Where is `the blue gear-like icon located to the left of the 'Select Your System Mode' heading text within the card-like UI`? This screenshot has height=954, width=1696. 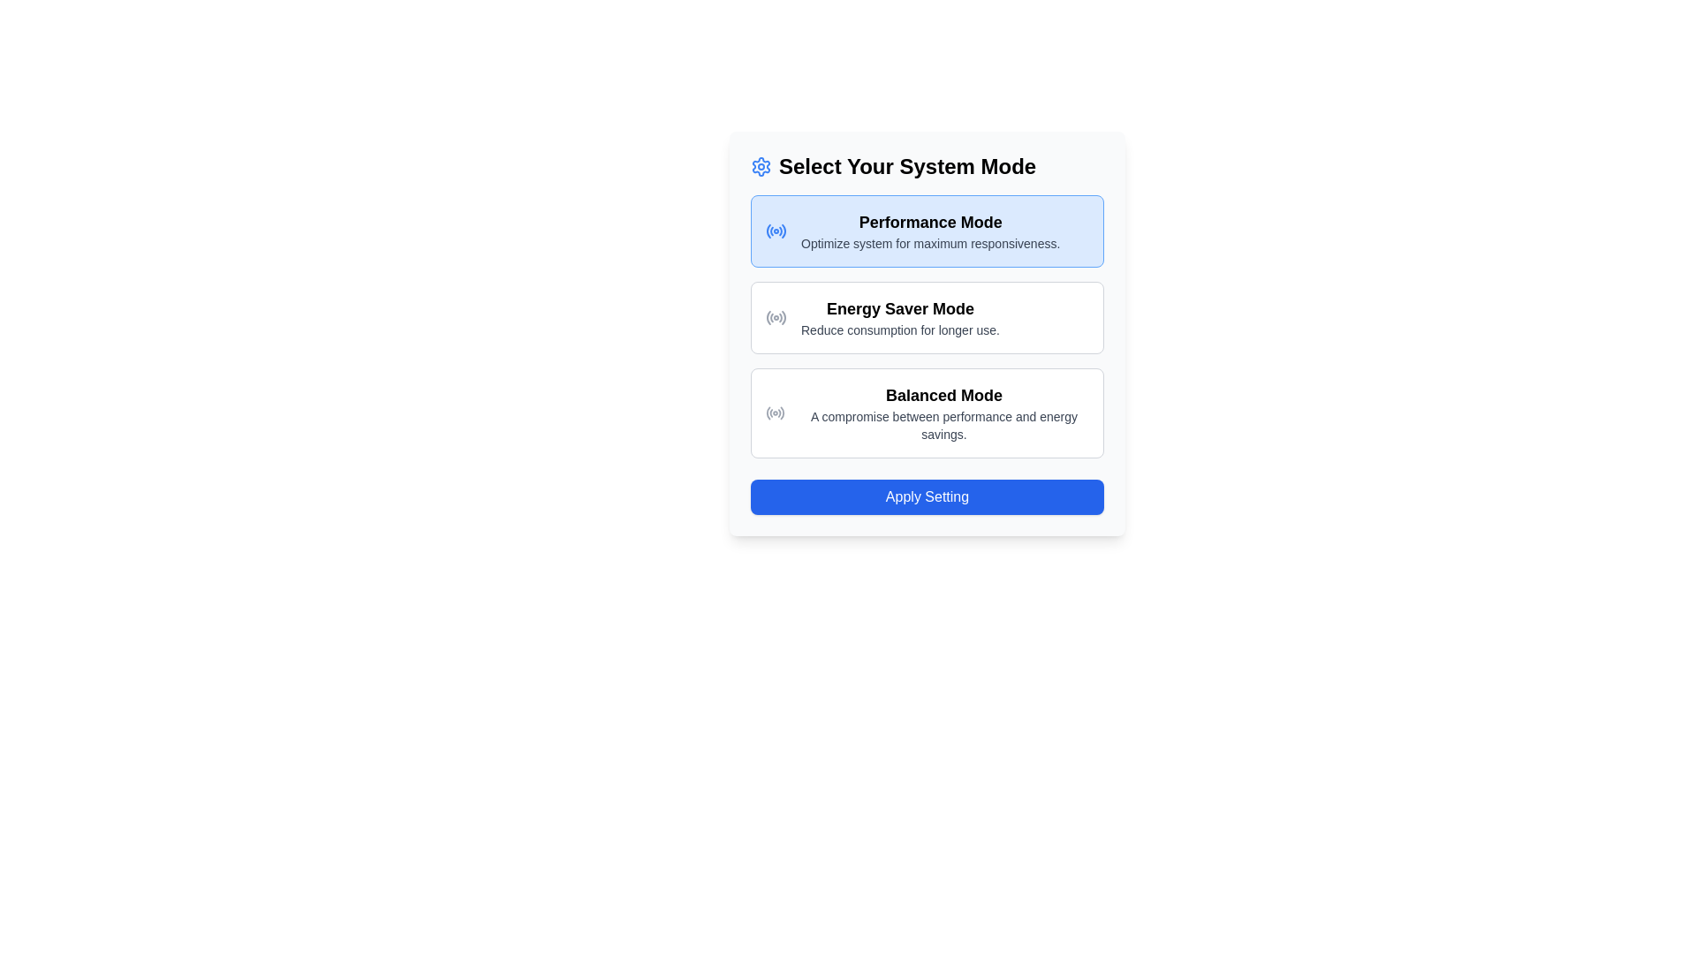
the blue gear-like icon located to the left of the 'Select Your System Mode' heading text within the card-like UI is located at coordinates (761, 167).